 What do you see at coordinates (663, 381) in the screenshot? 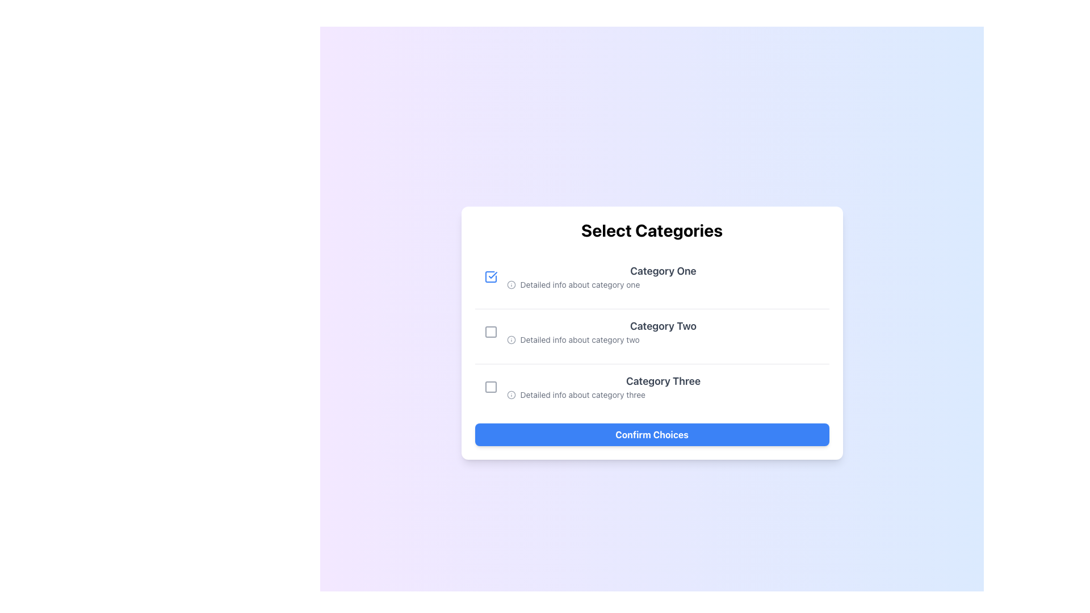
I see `the text label displaying 'Category Three', which is styled prominently in bold dark gray and located in the lower part of the modal dialog box above the description line for category three` at bounding box center [663, 381].